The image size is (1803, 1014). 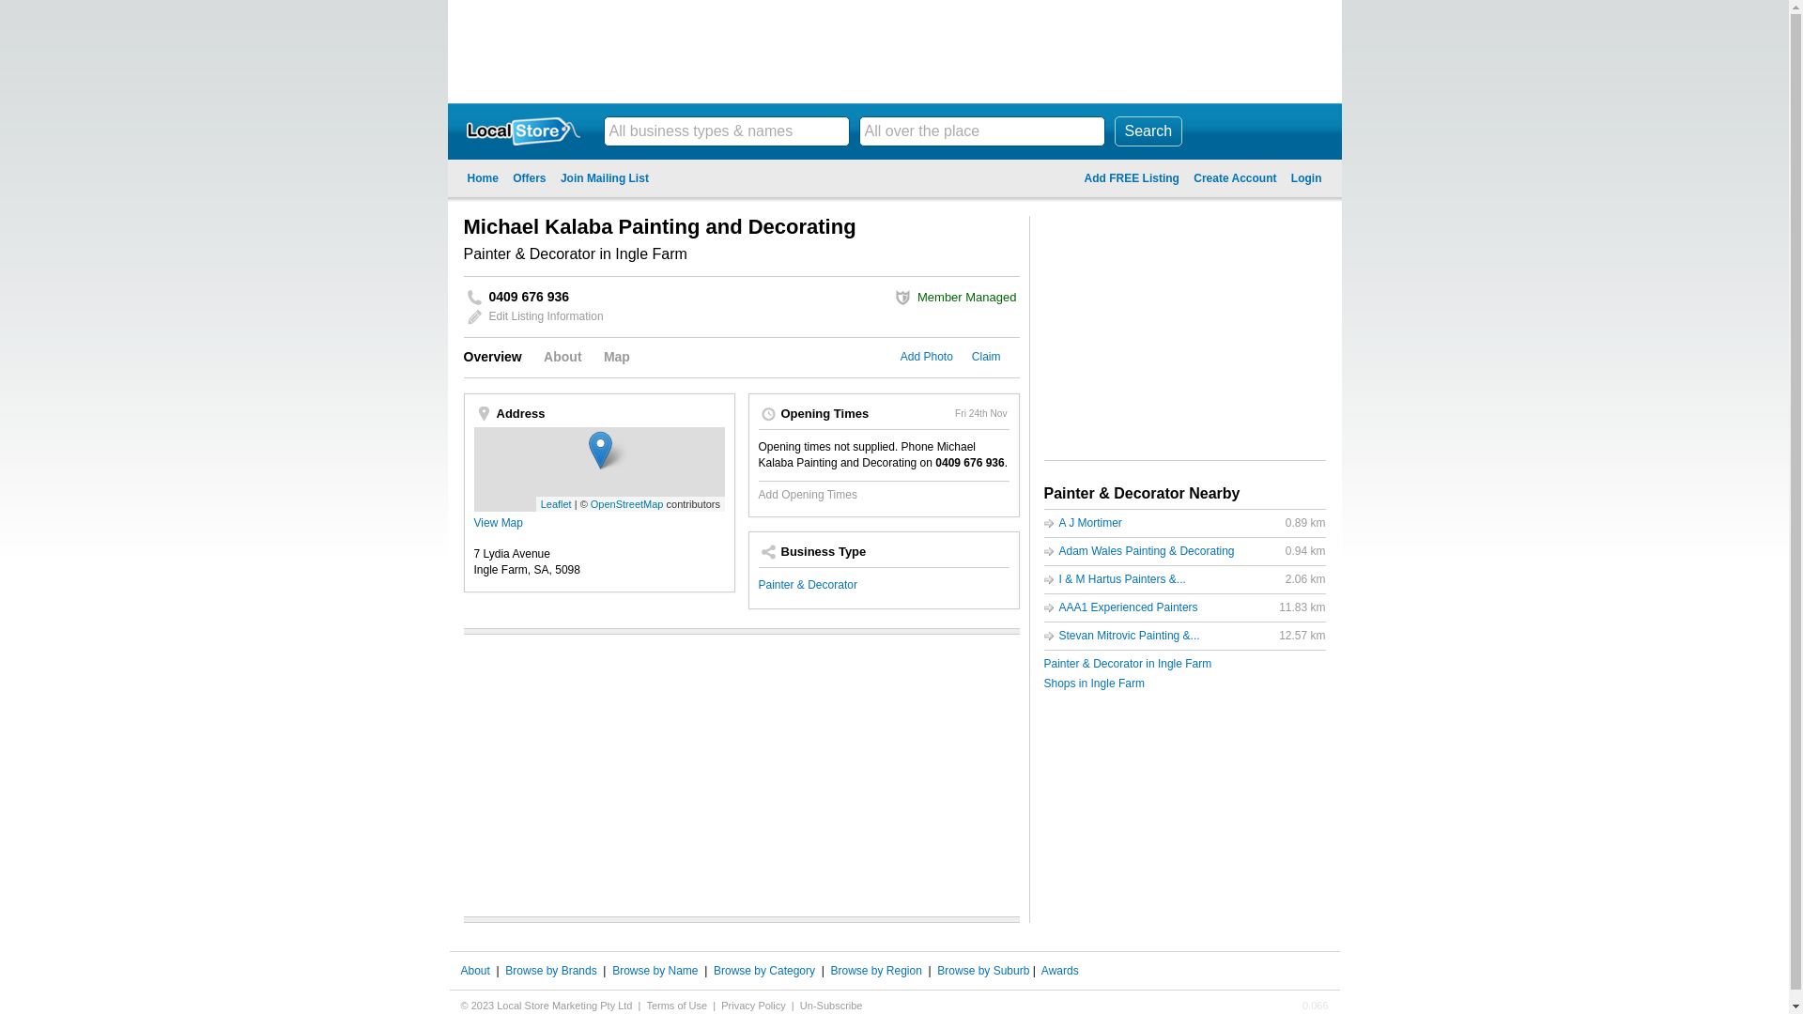 I want to click on 'Join Mailing List', so click(x=604, y=177).